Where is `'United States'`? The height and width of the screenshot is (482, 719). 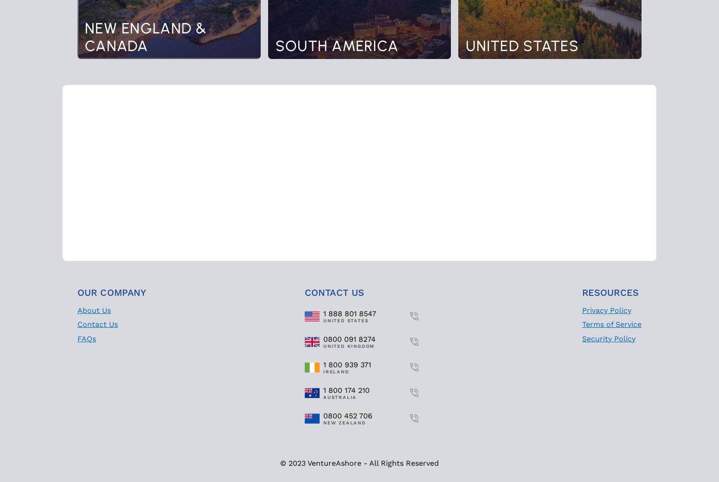 'United States' is located at coordinates (346, 319).